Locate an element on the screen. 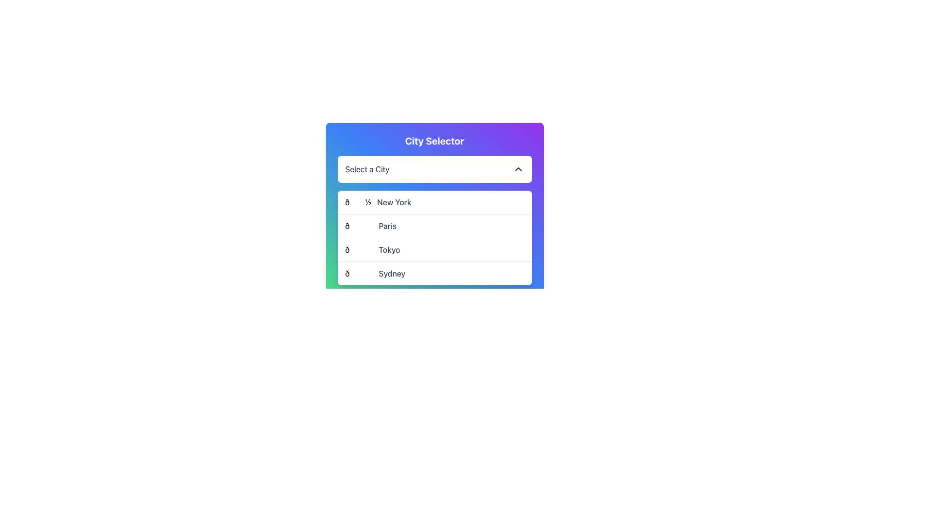 Image resolution: width=933 pixels, height=524 pixels. the city list item for 'Sydney' which is the fourth option in the dropdown list under 'City Selector' is located at coordinates (434, 273).